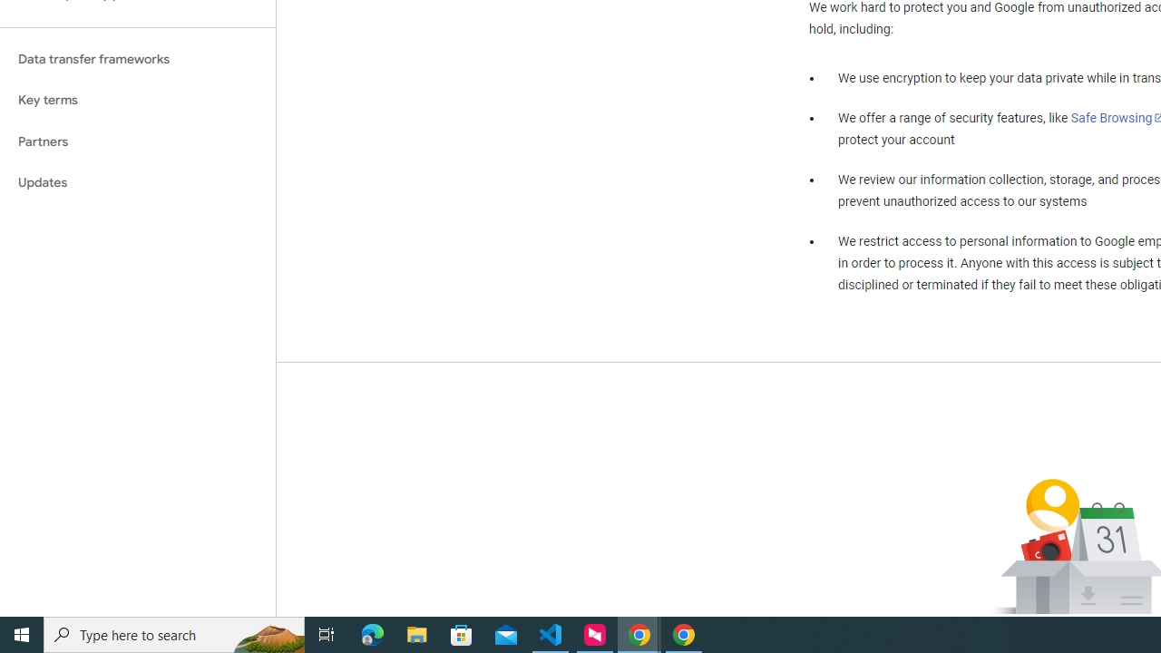 The image size is (1161, 653). What do you see at coordinates (137, 100) in the screenshot?
I see `'Key terms'` at bounding box center [137, 100].